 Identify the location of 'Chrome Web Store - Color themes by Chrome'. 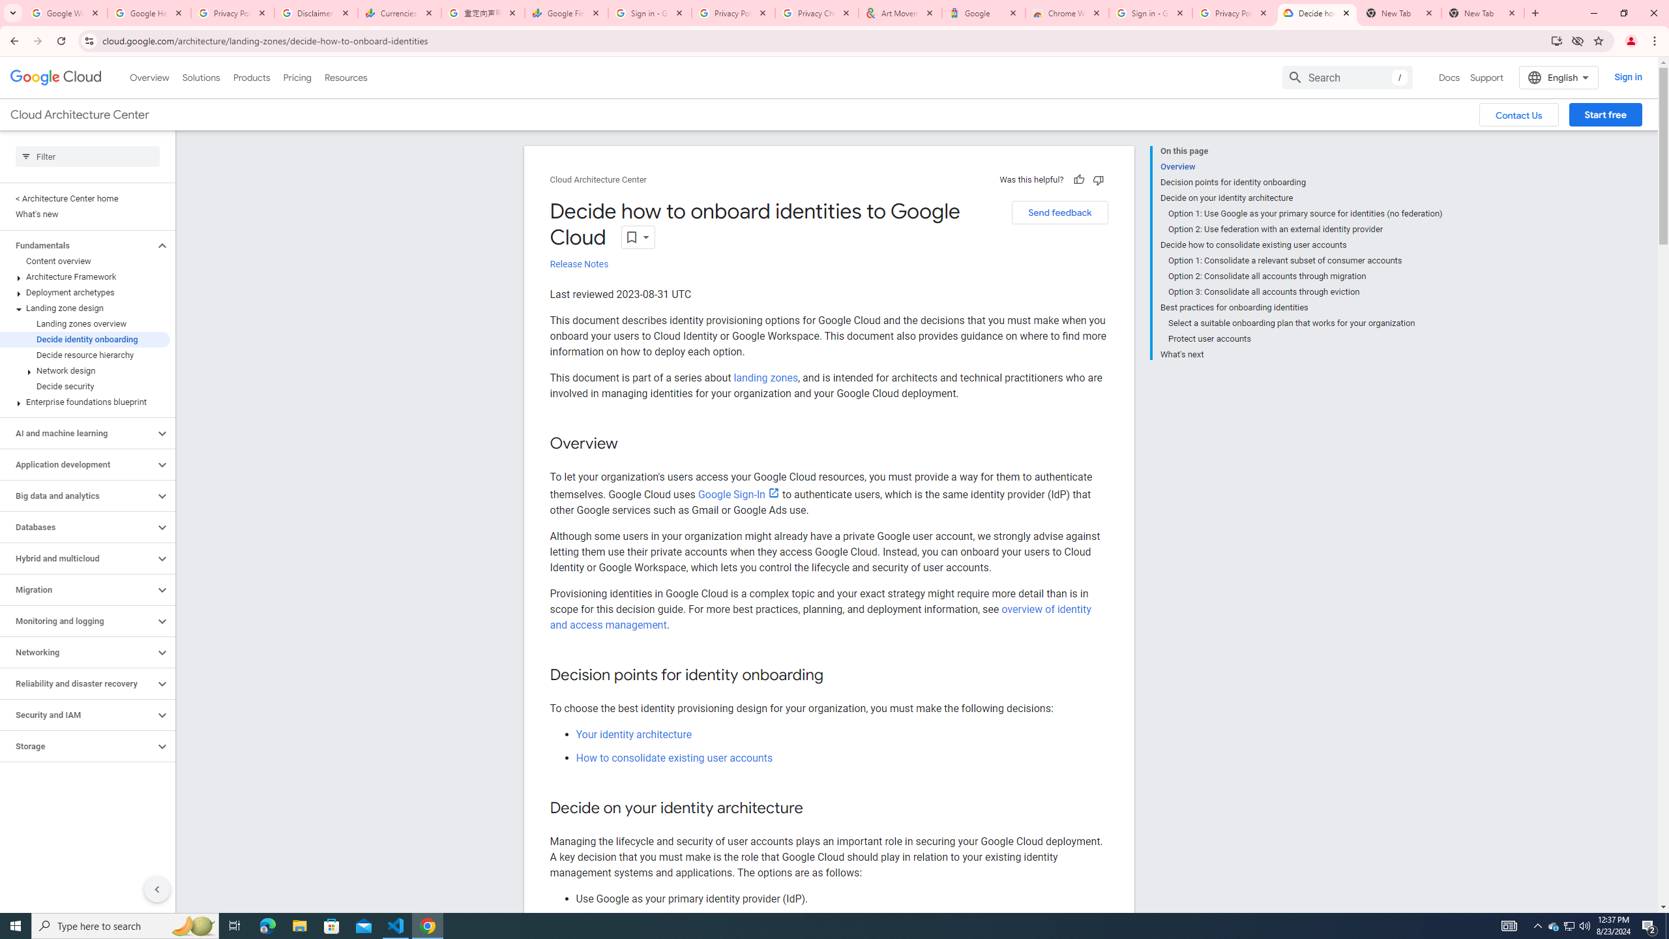
(1067, 12).